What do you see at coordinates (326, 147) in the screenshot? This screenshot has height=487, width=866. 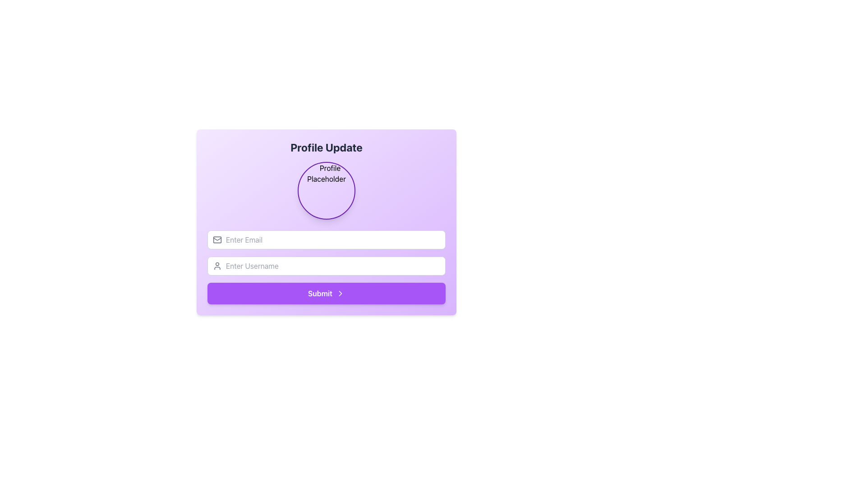 I see `the Static Text header indicating the purpose of the user profile update interface, which is located above the Profile Placeholder` at bounding box center [326, 147].